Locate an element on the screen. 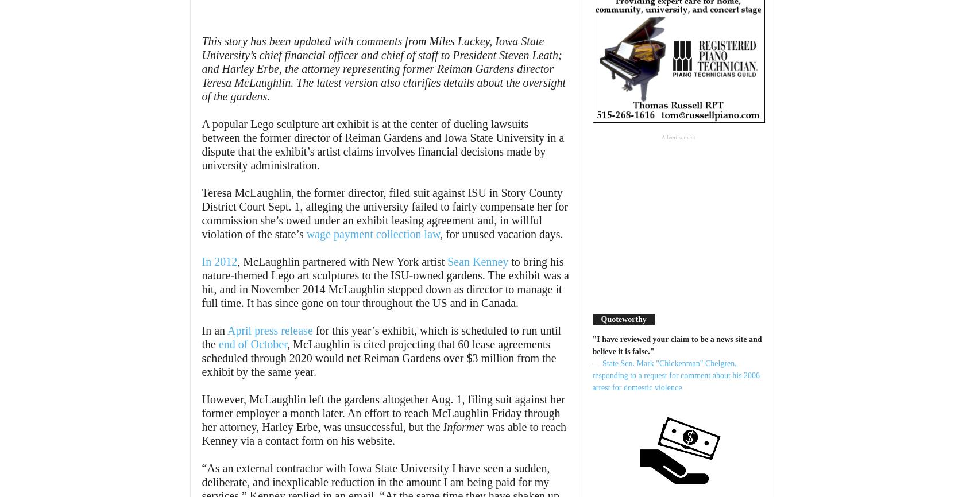 The height and width of the screenshot is (497, 966). 'A popular Lego sculpture art exhibit is at the center of dueling lawsuits between the former director of Reiman Gardens and Iowa State University in a dispute that the exhibit’s artist claims involves financial decisions made by university administration.' is located at coordinates (201, 144).